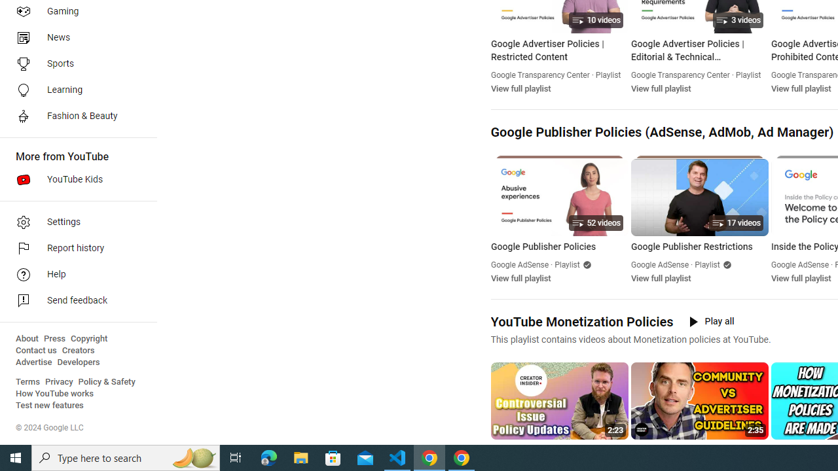  Describe the element at coordinates (706, 265) in the screenshot. I see `'Playlist'` at that location.